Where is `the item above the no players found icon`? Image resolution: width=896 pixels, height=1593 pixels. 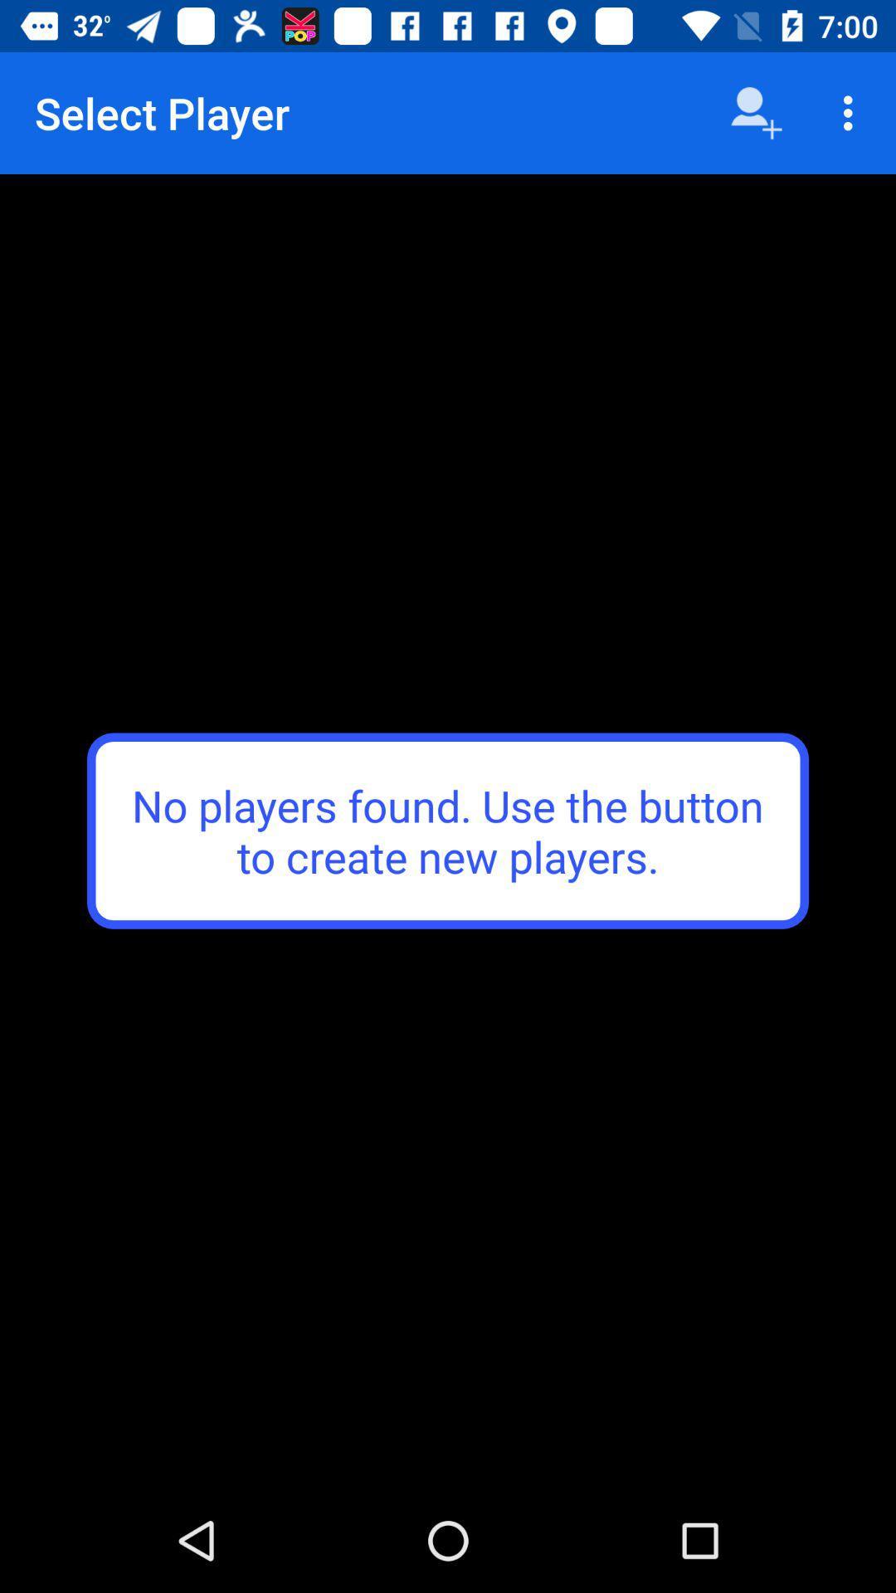
the item above the no players found icon is located at coordinates (756, 112).